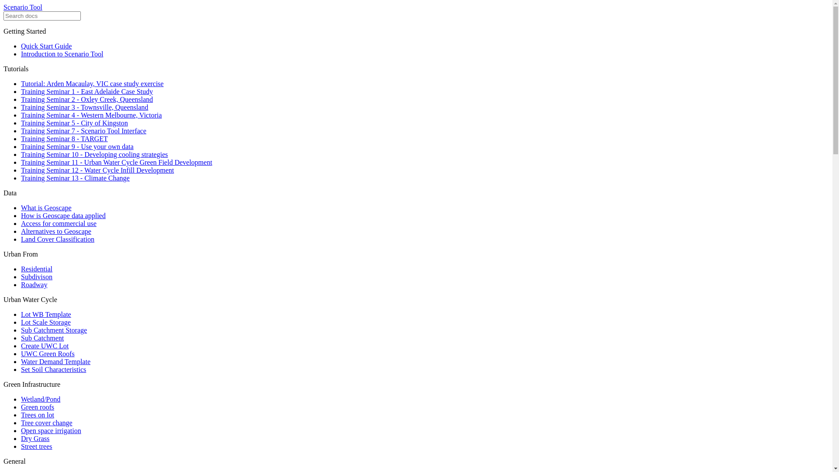 The height and width of the screenshot is (472, 839). What do you see at coordinates (55, 361) in the screenshot?
I see `'Water Demand Template'` at bounding box center [55, 361].